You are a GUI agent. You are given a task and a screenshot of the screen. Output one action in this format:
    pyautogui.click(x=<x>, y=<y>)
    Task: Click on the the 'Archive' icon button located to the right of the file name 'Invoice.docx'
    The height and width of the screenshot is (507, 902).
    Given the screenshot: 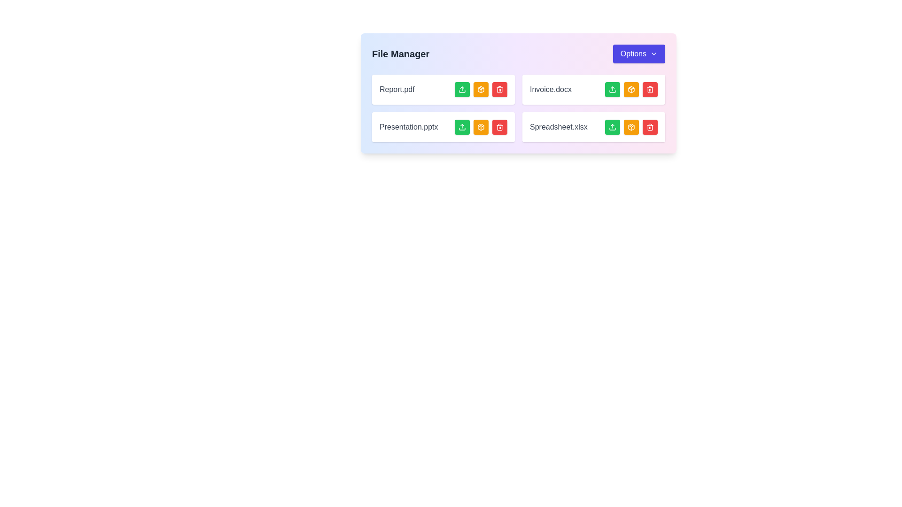 What is the action you would take?
    pyautogui.click(x=631, y=90)
    